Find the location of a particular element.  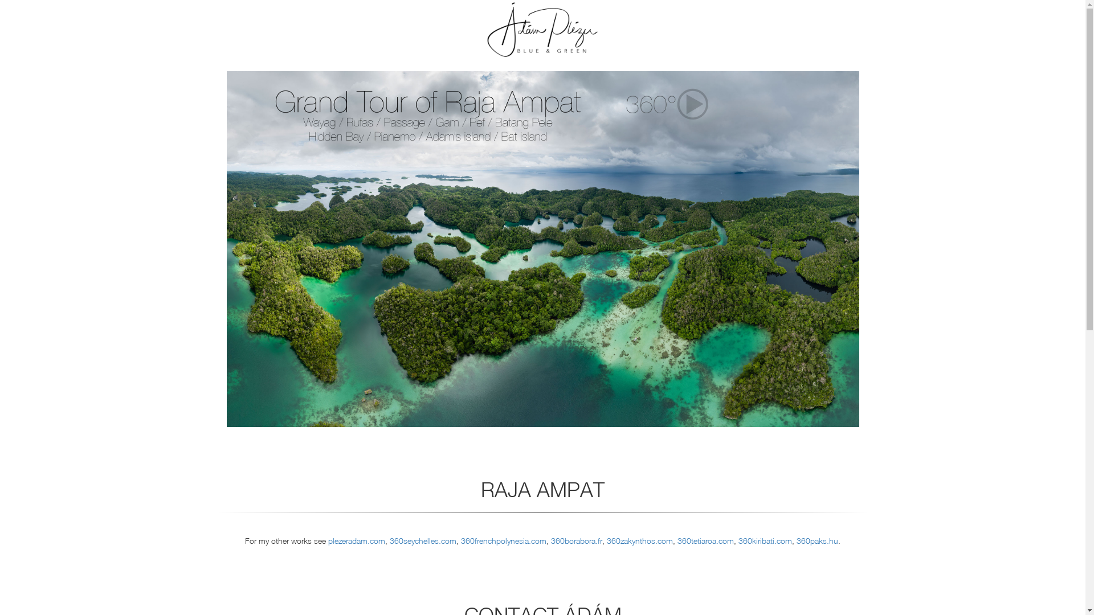

'360seychelles.com' is located at coordinates (422, 540).